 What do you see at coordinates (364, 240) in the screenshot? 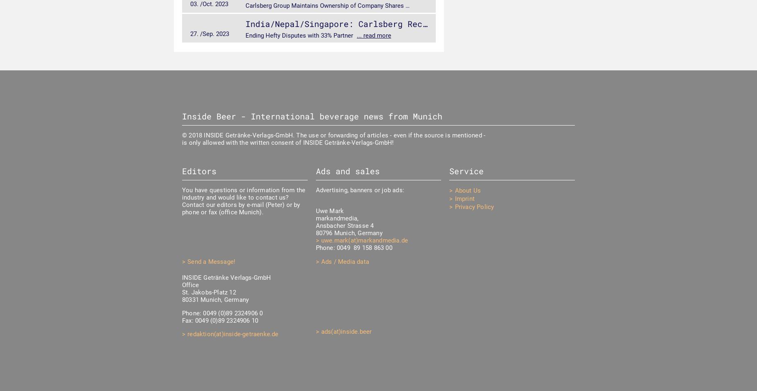
I see `'uwe.mark(at)markandmedia.de'` at bounding box center [364, 240].